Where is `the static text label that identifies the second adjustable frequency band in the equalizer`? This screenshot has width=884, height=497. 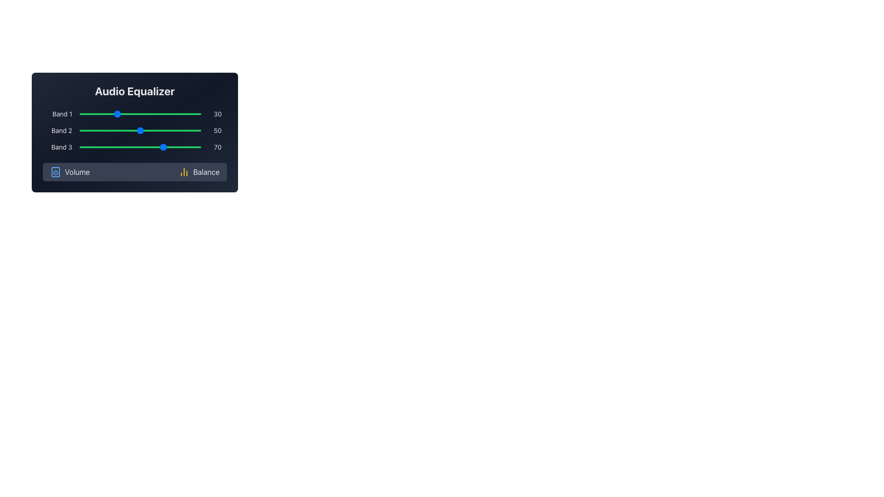 the static text label that identifies the second adjustable frequency band in the equalizer is located at coordinates (57, 131).